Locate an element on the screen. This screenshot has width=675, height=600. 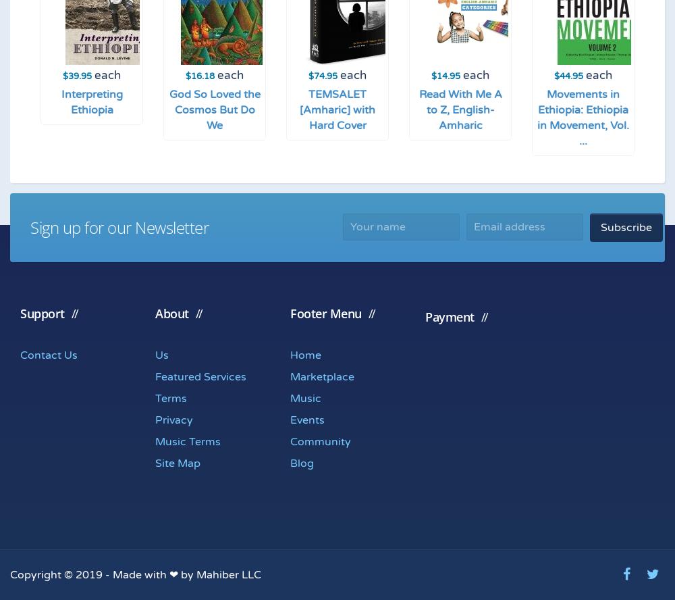
'Support' is located at coordinates (42, 313).